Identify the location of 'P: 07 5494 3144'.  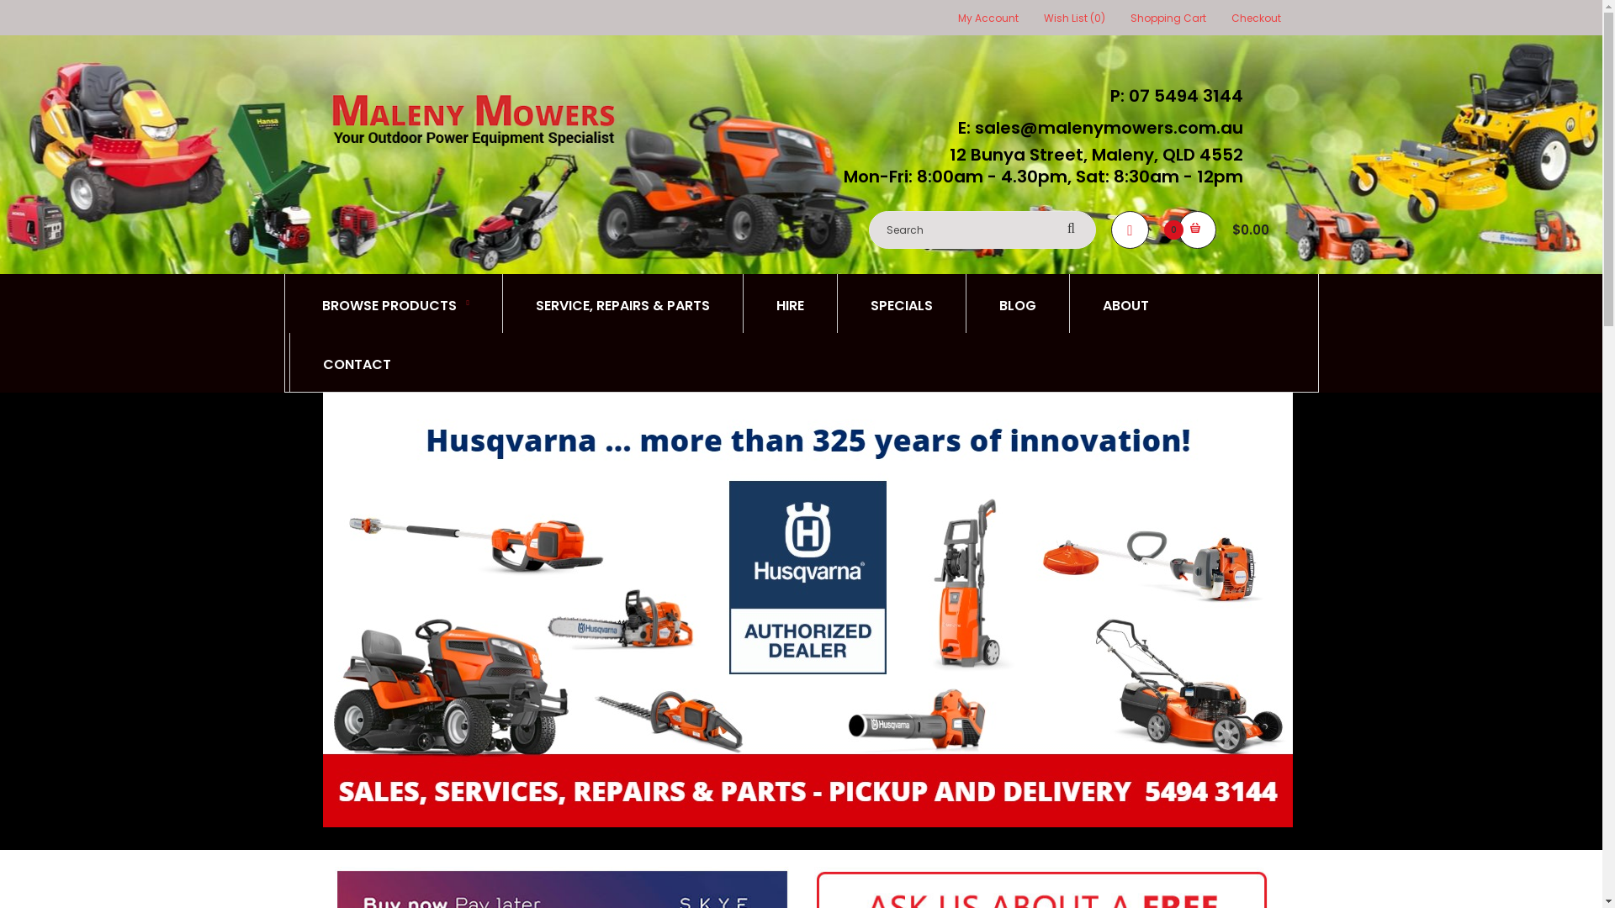
(1171, 96).